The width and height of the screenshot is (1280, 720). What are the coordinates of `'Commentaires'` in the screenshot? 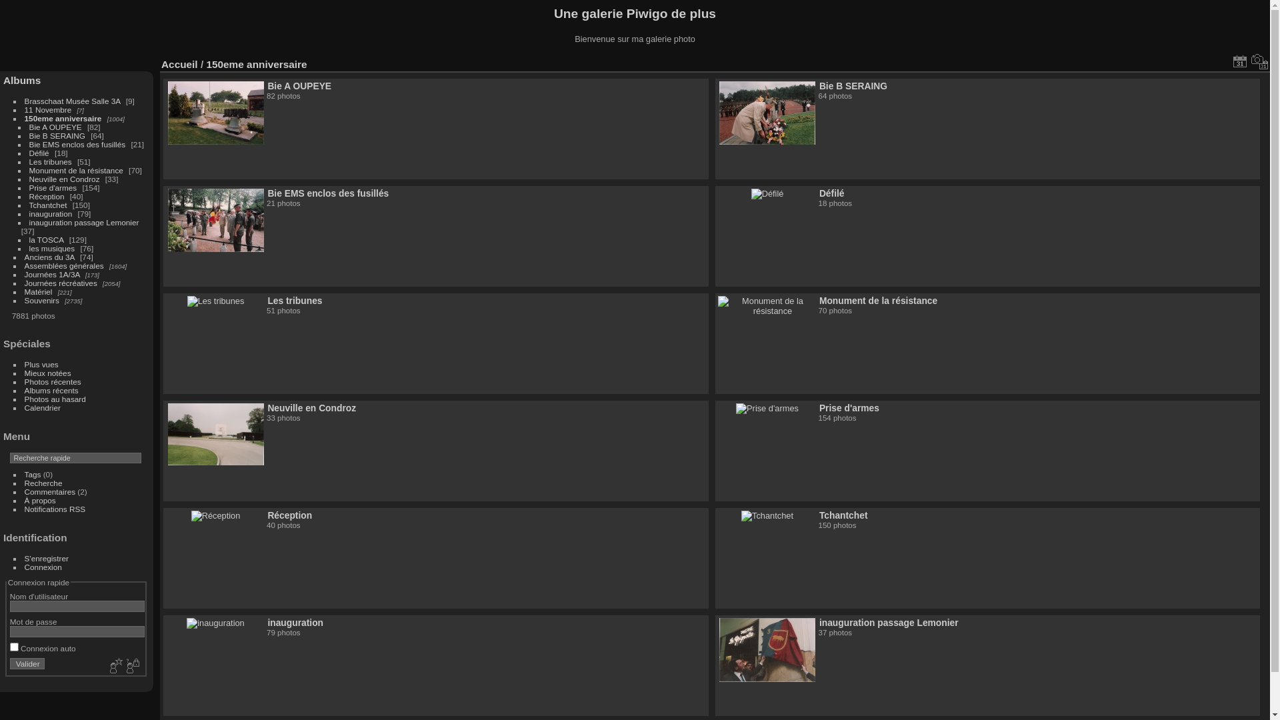 It's located at (50, 491).